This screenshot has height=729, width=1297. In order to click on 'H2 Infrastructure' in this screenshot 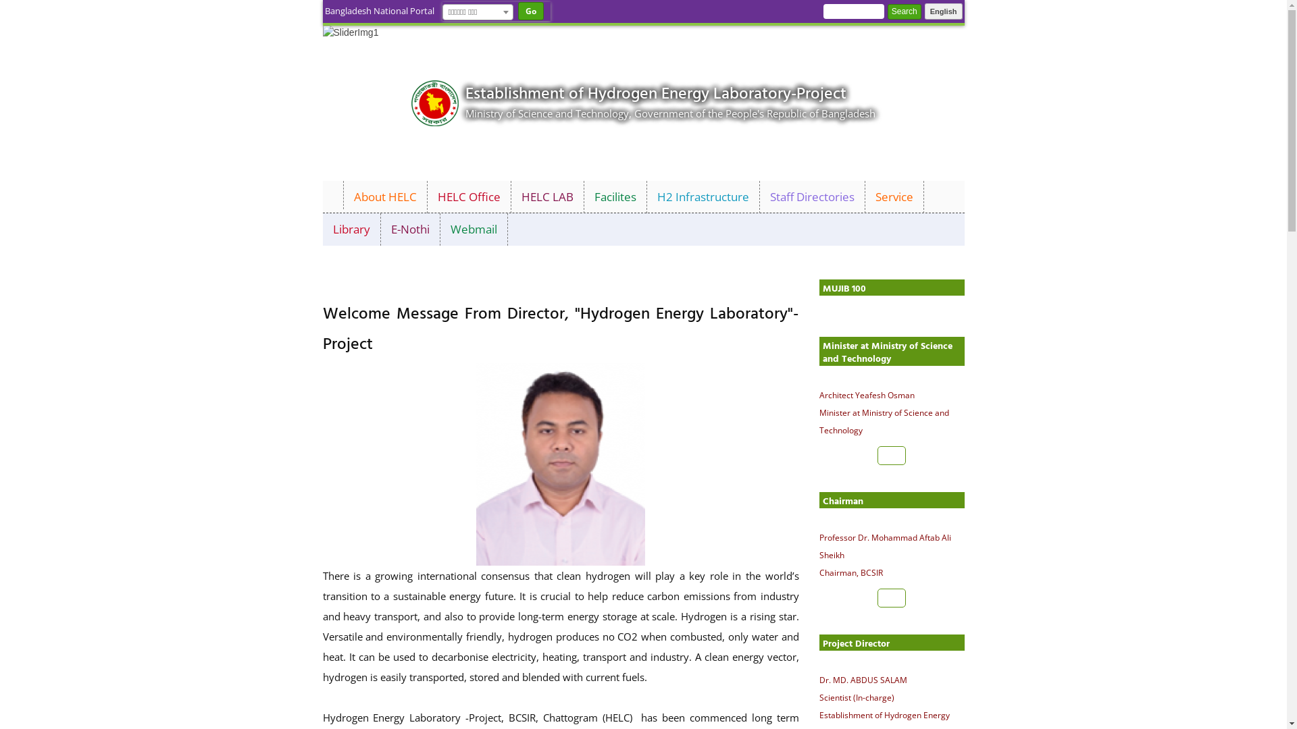, I will do `click(703, 197)`.